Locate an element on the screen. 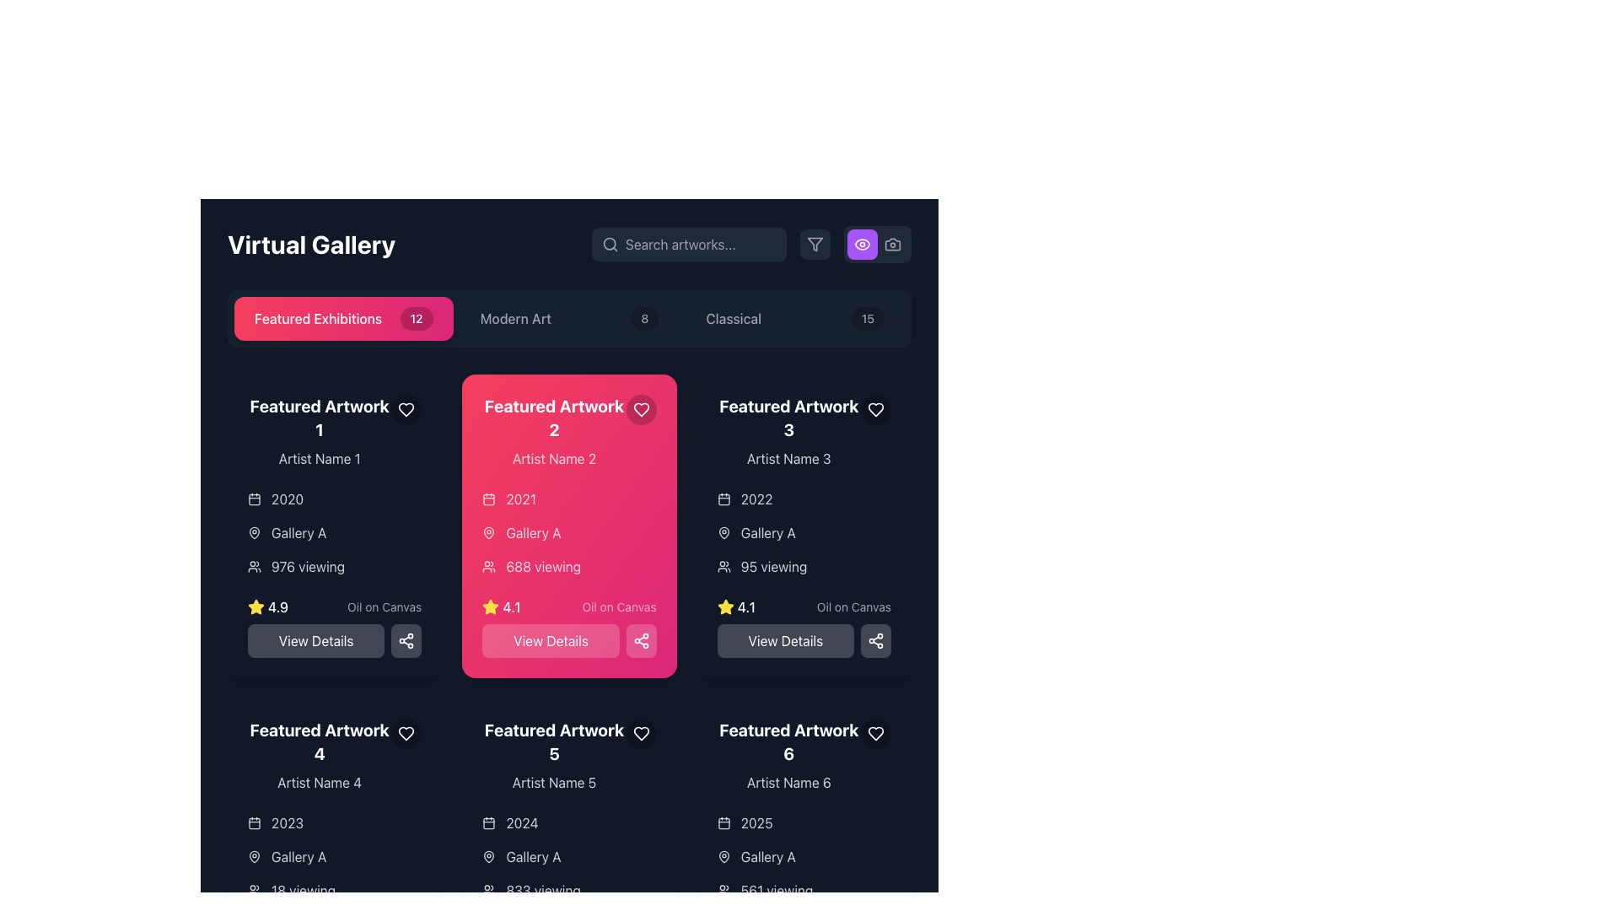 This screenshot has height=911, width=1619. the button located at the bottom of the 'Featured Artwork 1' card, below the '4.9' rating and 'Oil on Canvas' description is located at coordinates (335, 628).